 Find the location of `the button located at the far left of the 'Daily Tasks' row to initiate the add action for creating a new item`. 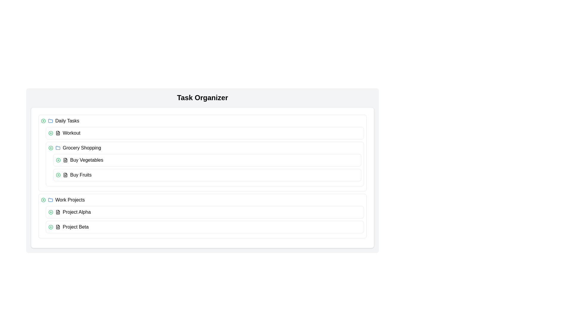

the button located at the far left of the 'Daily Tasks' row to initiate the add action for creating a new item is located at coordinates (43, 121).